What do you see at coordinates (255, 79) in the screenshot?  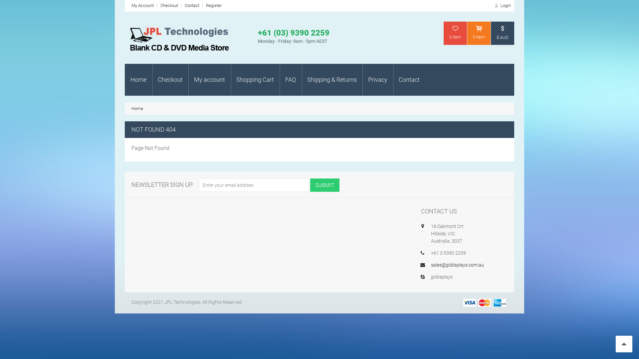 I see `'Shopping Cart'` at bounding box center [255, 79].